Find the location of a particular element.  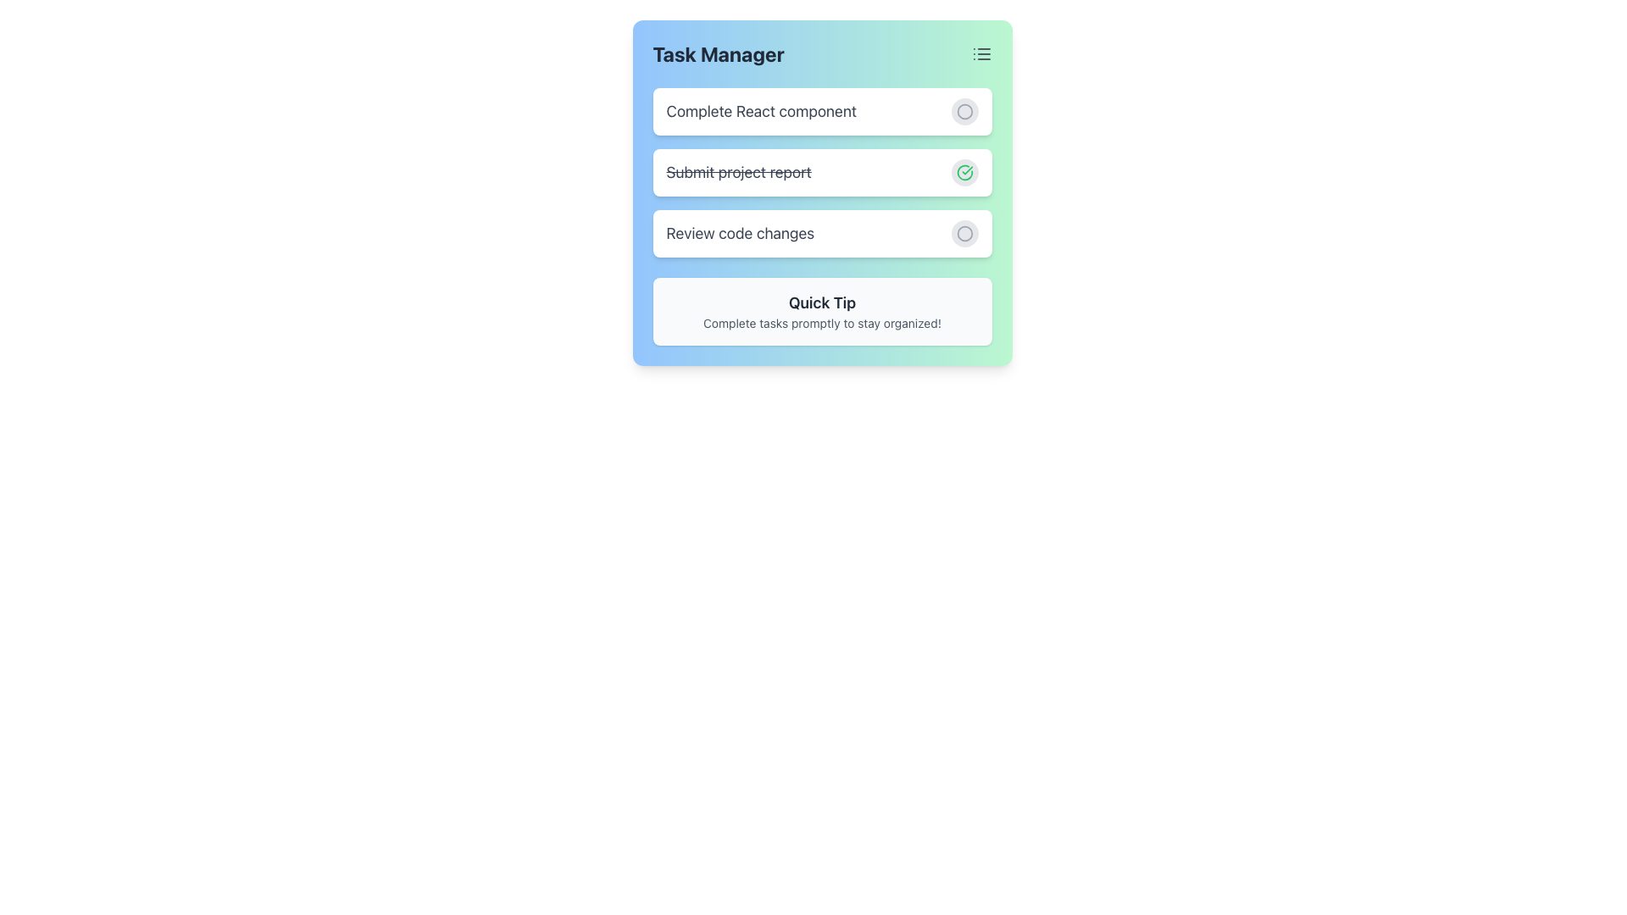

the button that serves as a status toggle for marking the task 'Submit project report' as completed or approved is located at coordinates (964, 173).